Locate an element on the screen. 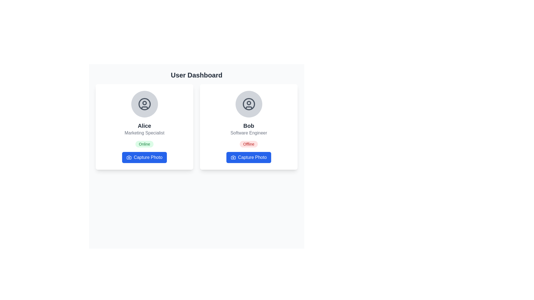 This screenshot has height=300, width=534. the Status Indicator badge that displays 'Online' with a light green background, located beneath the title 'Marketing Specialist' and above the 'Capture Photo' button is located at coordinates (144, 144).